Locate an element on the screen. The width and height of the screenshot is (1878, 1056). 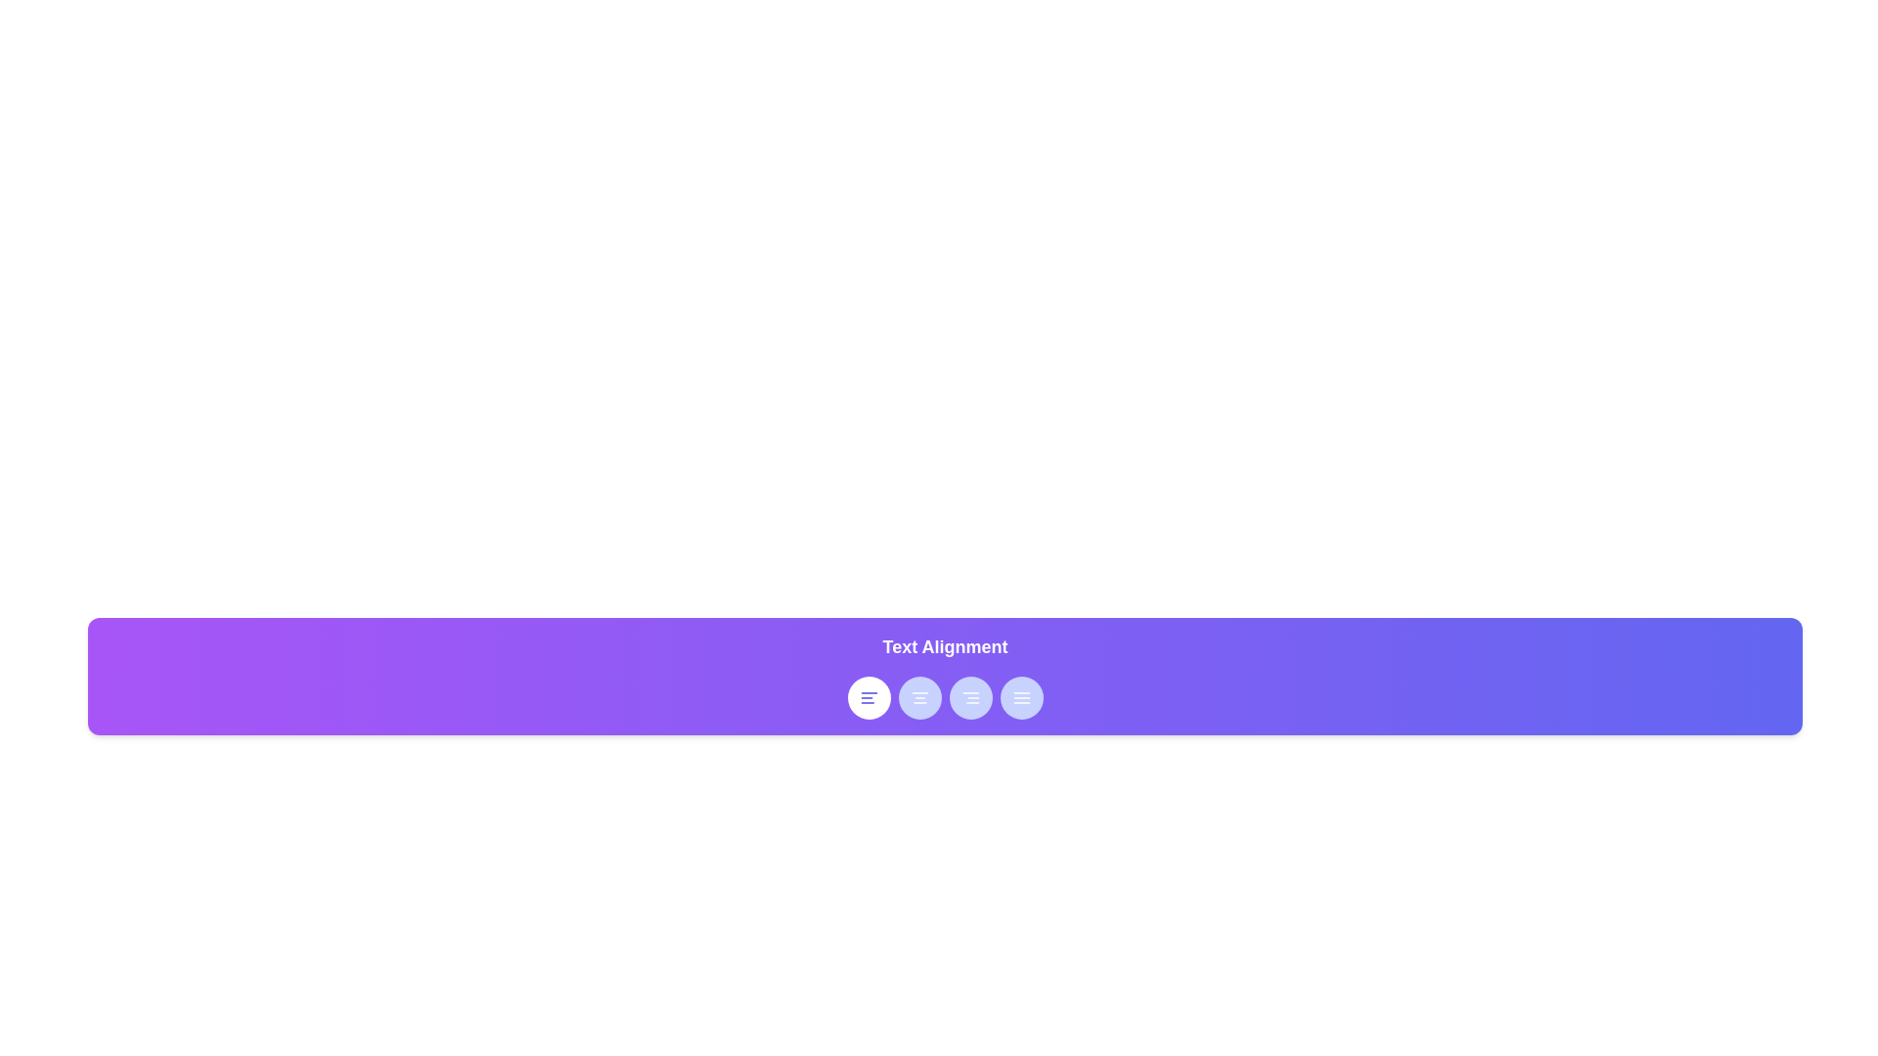
the circular button with a white background and an indigo left-alignment text symbol, located below the 'Text Alignment' label is located at coordinates (868, 696).